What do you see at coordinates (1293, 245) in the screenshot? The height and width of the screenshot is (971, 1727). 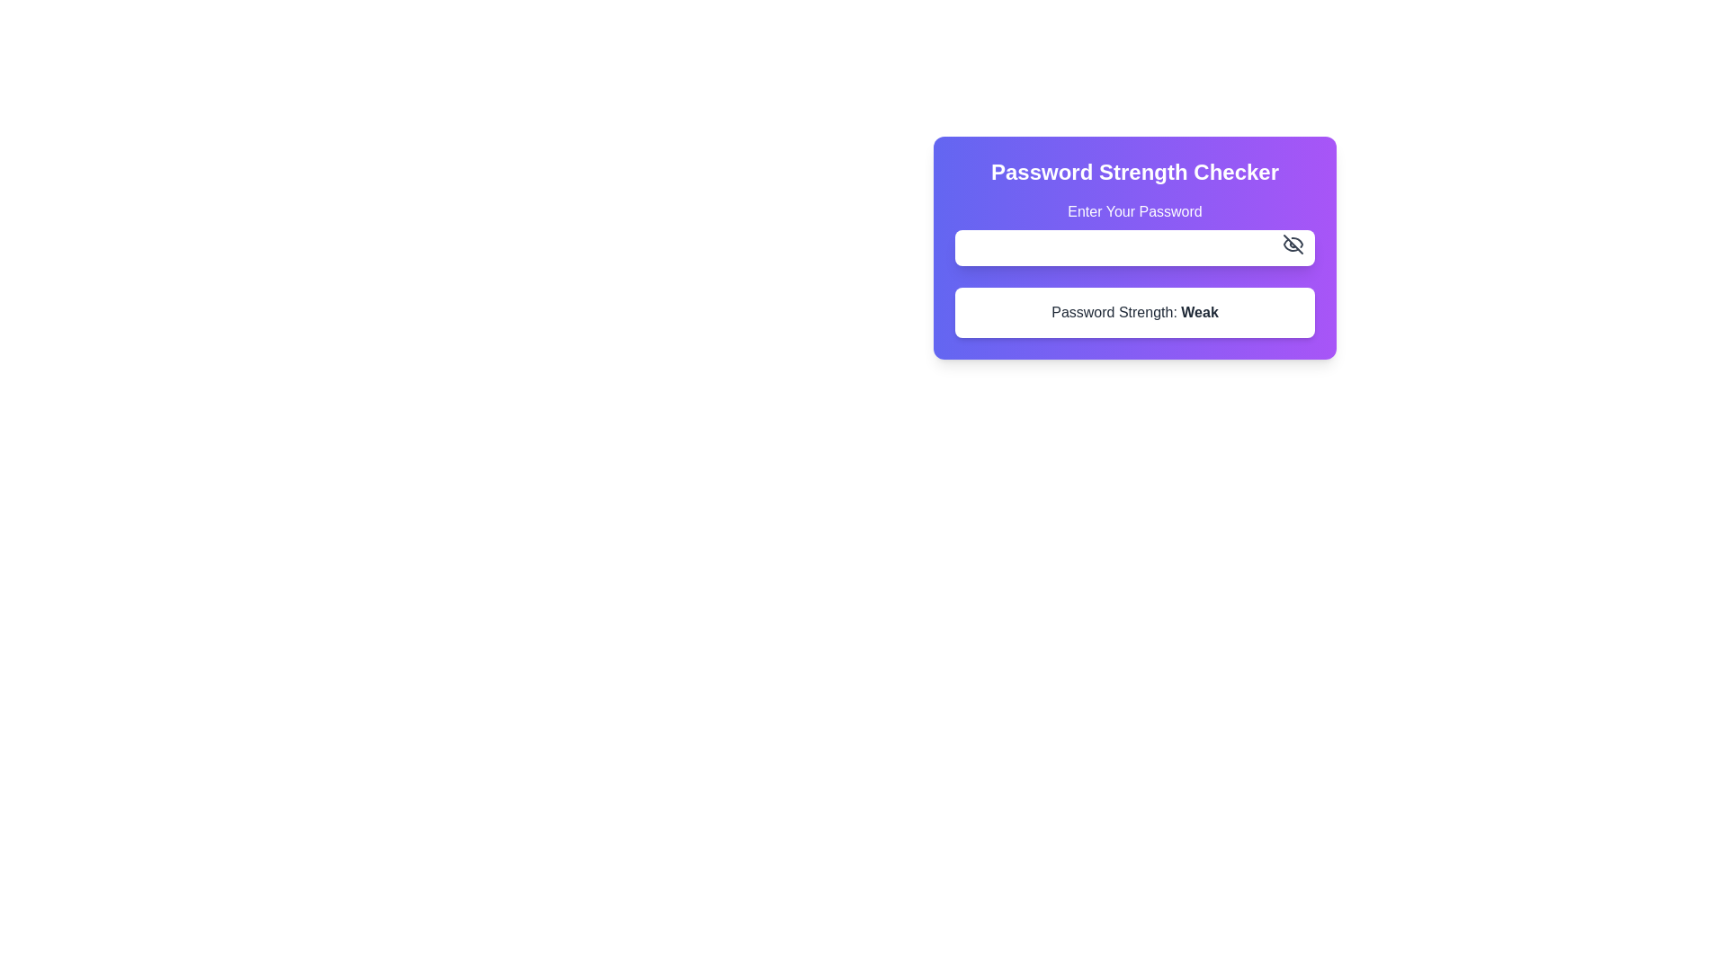 I see `the eye-slash icon button located at the far right of the 'Enter Your Password' input field to change its color` at bounding box center [1293, 245].